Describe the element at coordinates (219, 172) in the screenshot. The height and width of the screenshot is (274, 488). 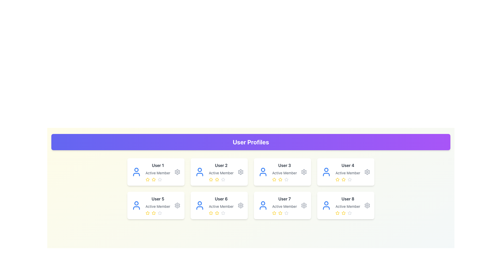
I see `the star rating icons in the user profile card for 'User 2' to change the rating` at that location.